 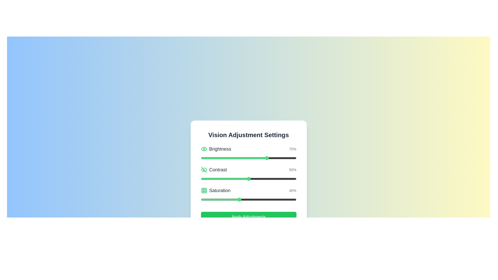 I want to click on the saturation slider to set the saturation level to 3%, so click(x=203, y=199).